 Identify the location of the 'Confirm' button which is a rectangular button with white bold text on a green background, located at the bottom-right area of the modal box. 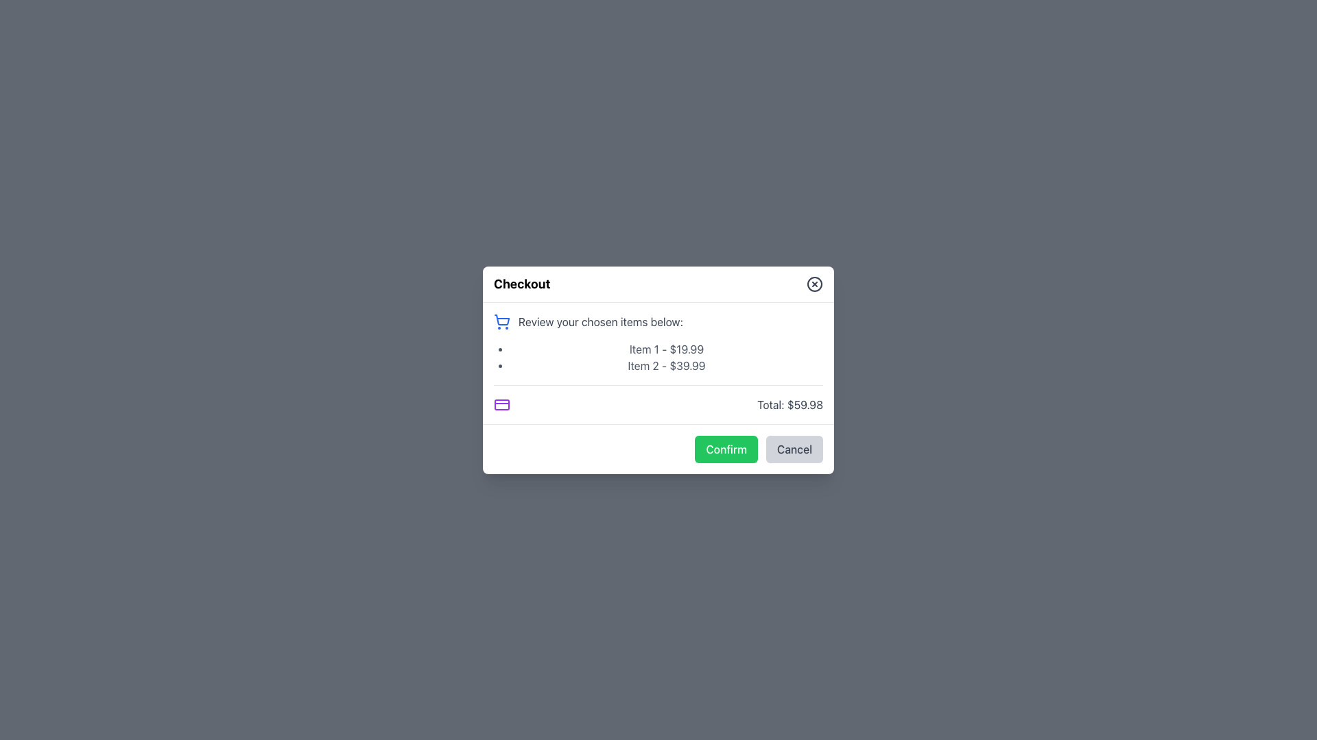
(726, 449).